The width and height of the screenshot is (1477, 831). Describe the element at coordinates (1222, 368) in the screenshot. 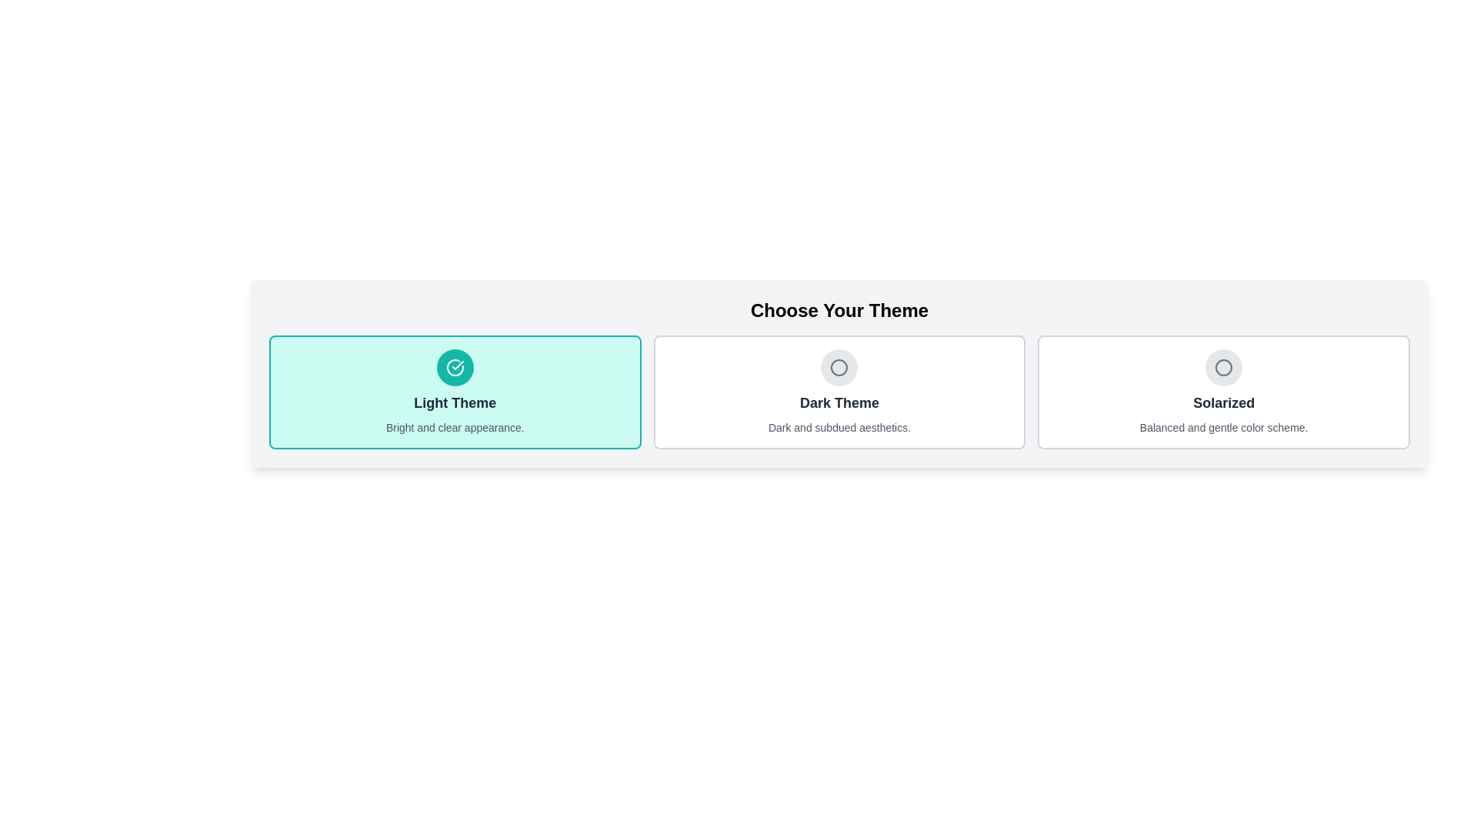

I see `the selection indicator icon for the 'Solarized' theme located in the third position from the left under the 'Choose Your Theme' heading` at that location.